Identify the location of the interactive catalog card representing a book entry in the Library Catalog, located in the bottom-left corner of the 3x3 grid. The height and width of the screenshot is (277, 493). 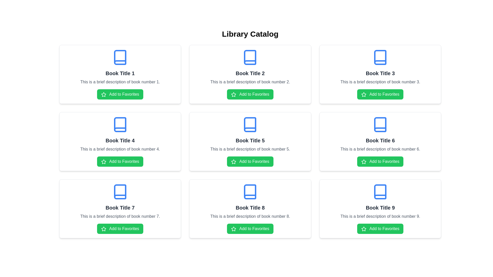
(120, 209).